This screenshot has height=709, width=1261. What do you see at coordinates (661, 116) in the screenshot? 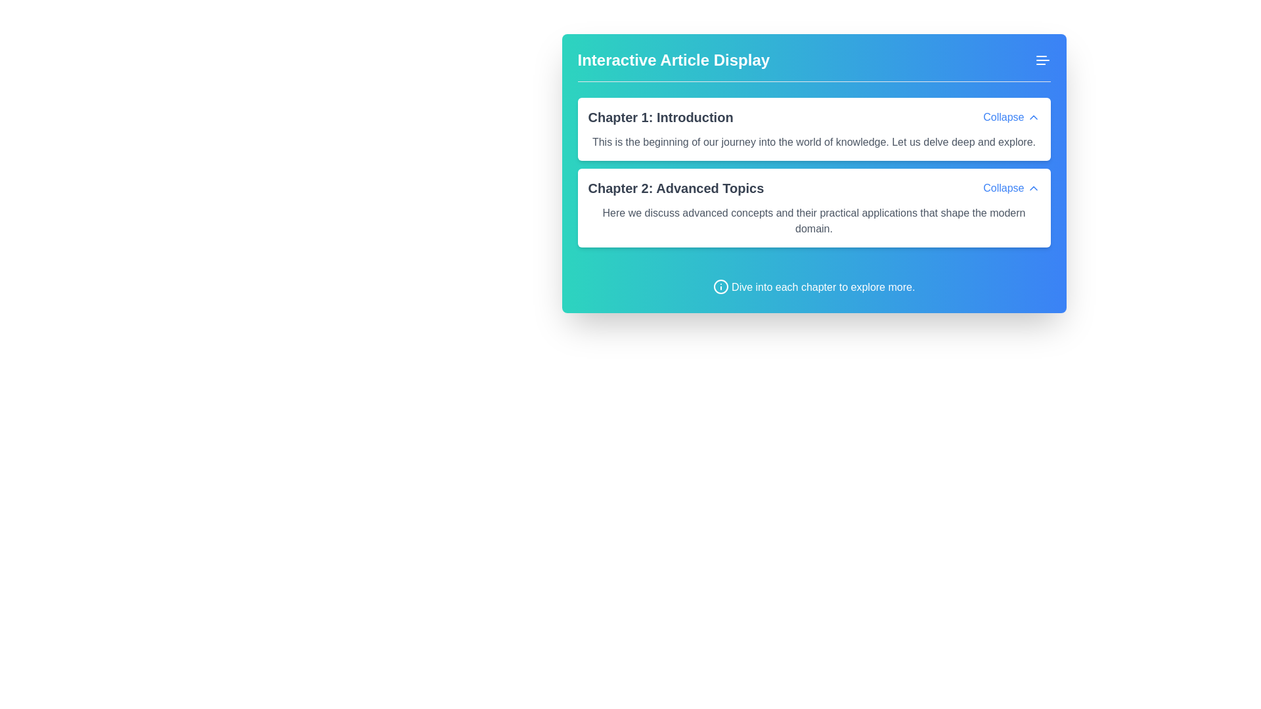
I see `text header labeled 'Chapter 1: Introduction' which is prominently displayed in a larger bold font in dark gray color, located at the top-left corner of a collapsible block` at bounding box center [661, 116].